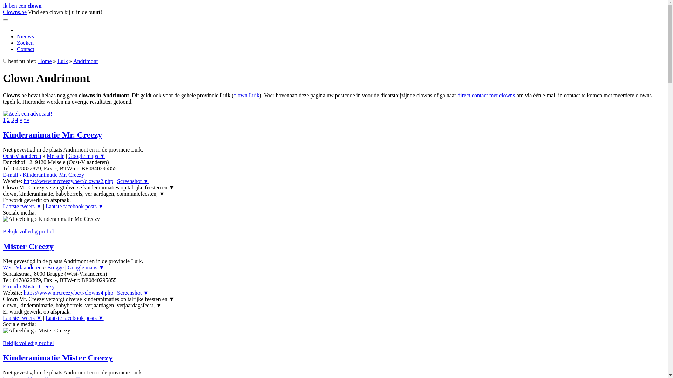  Describe the element at coordinates (55, 155) in the screenshot. I see `'Melsele'` at that location.